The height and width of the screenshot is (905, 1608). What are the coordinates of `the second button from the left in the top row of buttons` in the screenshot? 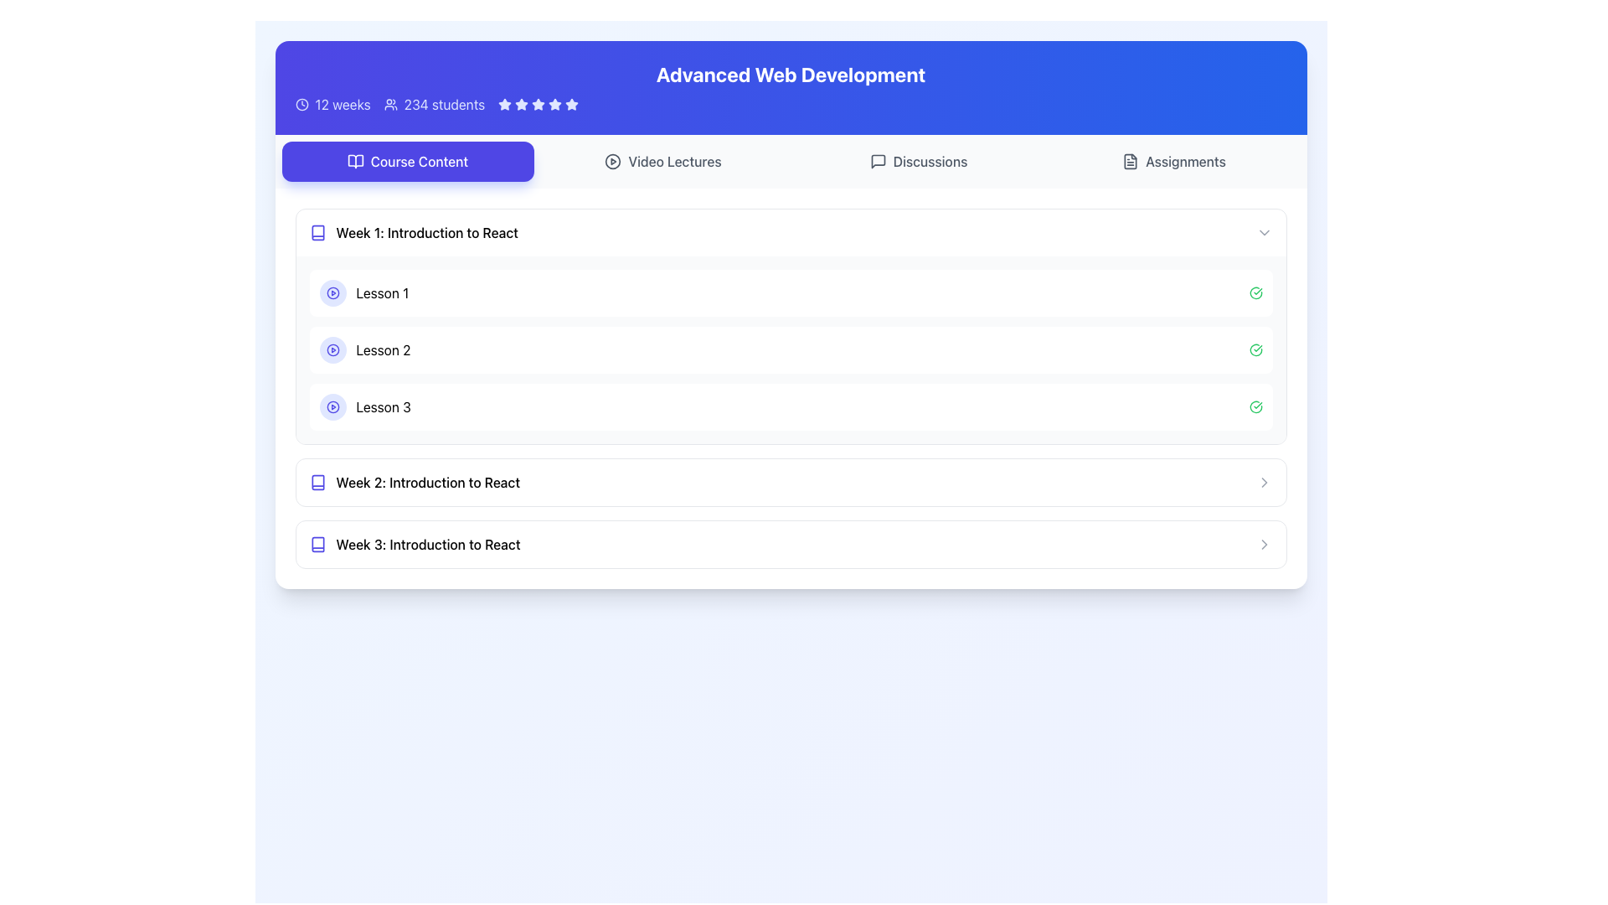 It's located at (662, 161).